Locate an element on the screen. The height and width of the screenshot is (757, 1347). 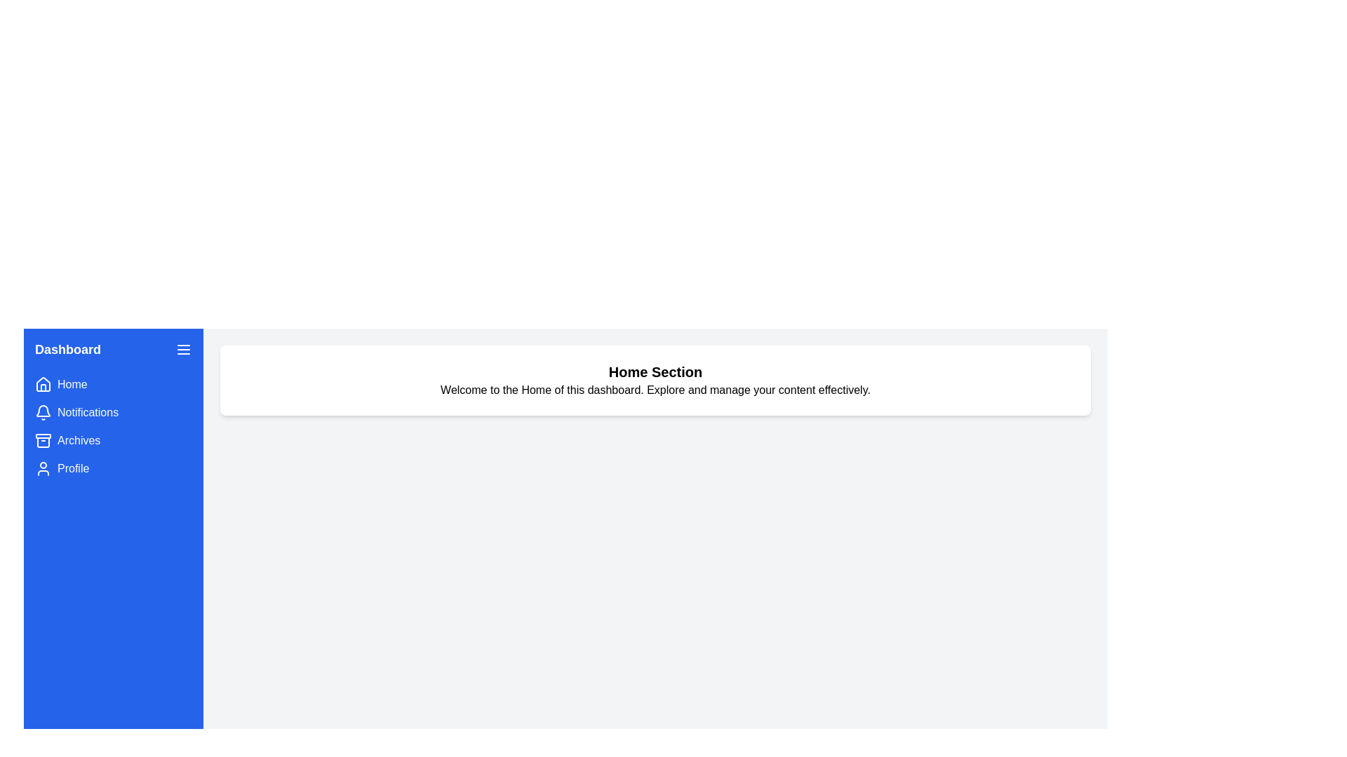
the 'Archives' button in the sidebar menu, which is the third option from the top is located at coordinates (43, 442).